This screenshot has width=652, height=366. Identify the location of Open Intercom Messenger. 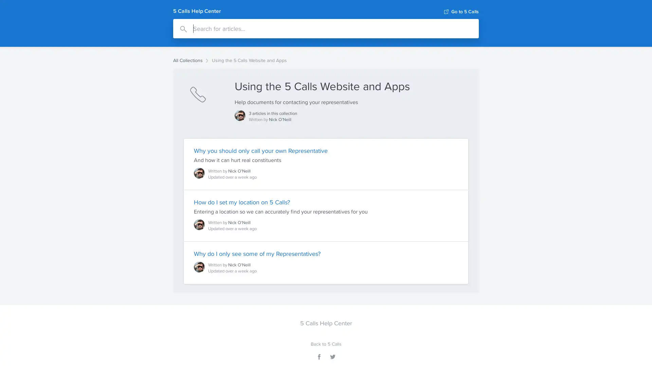
(635, 349).